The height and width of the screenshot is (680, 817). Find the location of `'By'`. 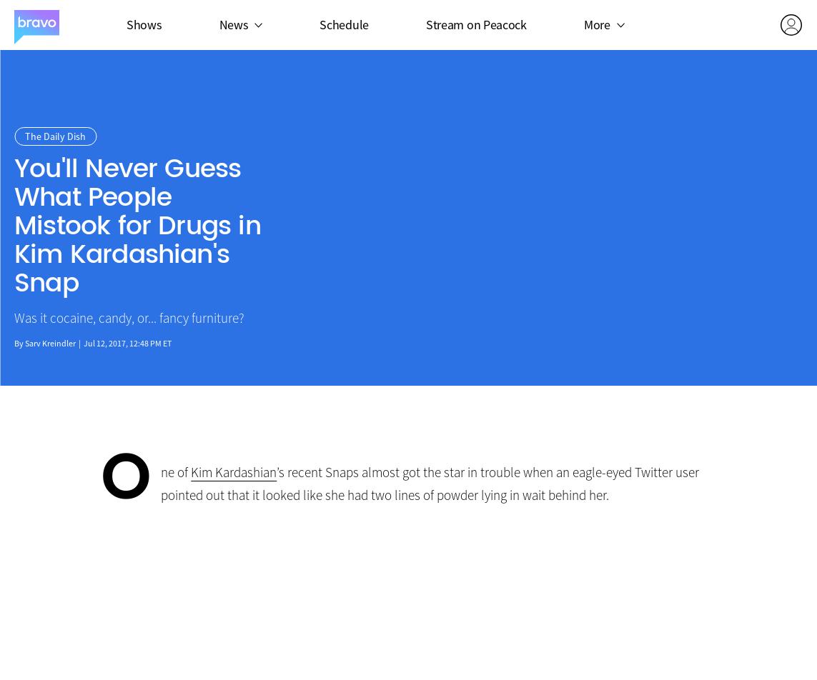

'By' is located at coordinates (19, 343).